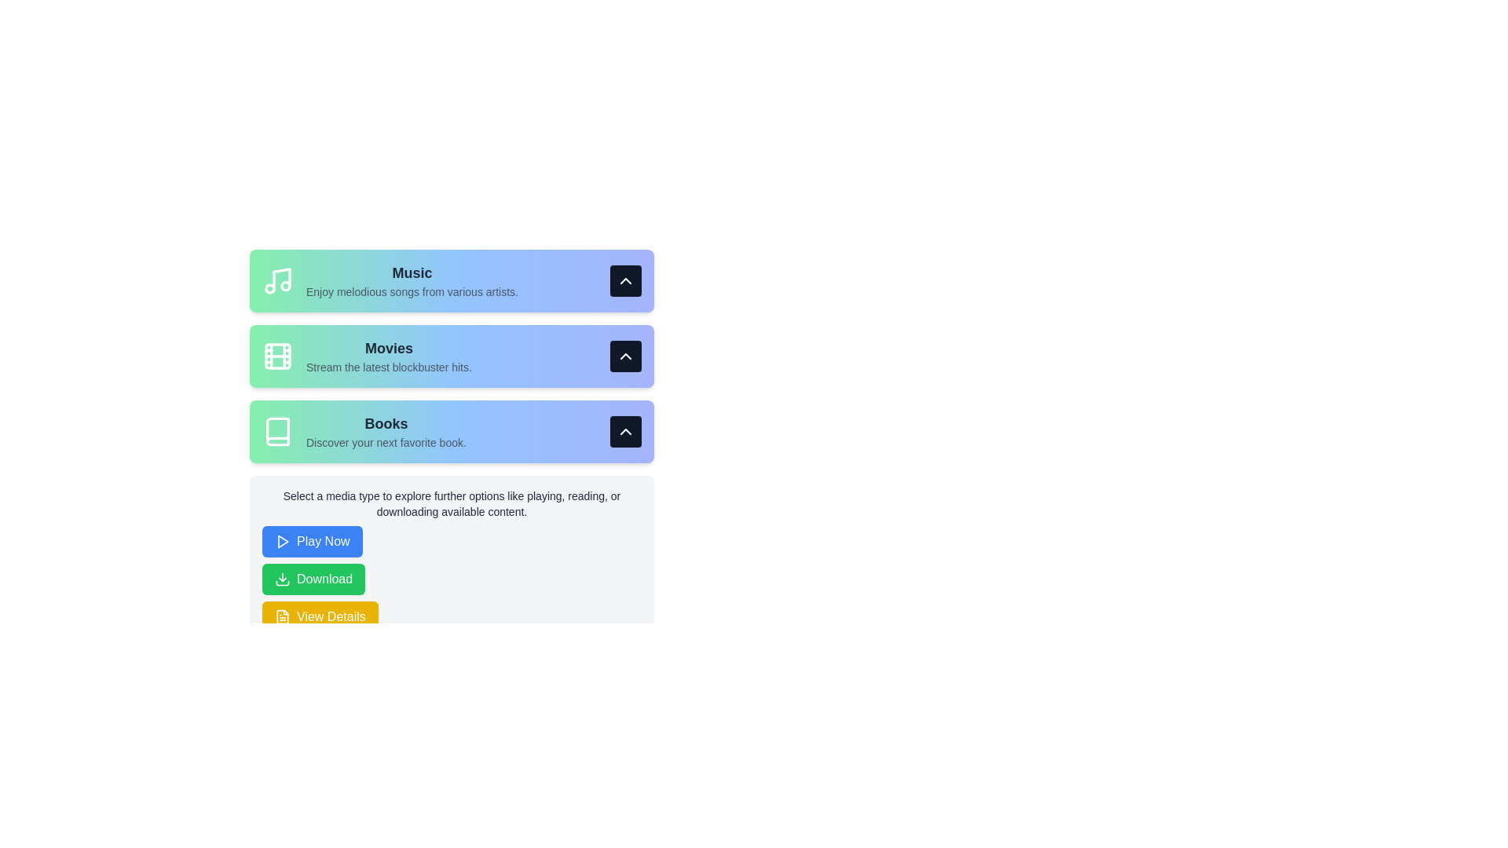 The image size is (1508, 848). What do you see at coordinates (283, 579) in the screenshot?
I see `the minimalist outline icon resembling a downward arrow located to the left of the 'Download' button within the green rectangular section at the bottom center of the layout` at bounding box center [283, 579].